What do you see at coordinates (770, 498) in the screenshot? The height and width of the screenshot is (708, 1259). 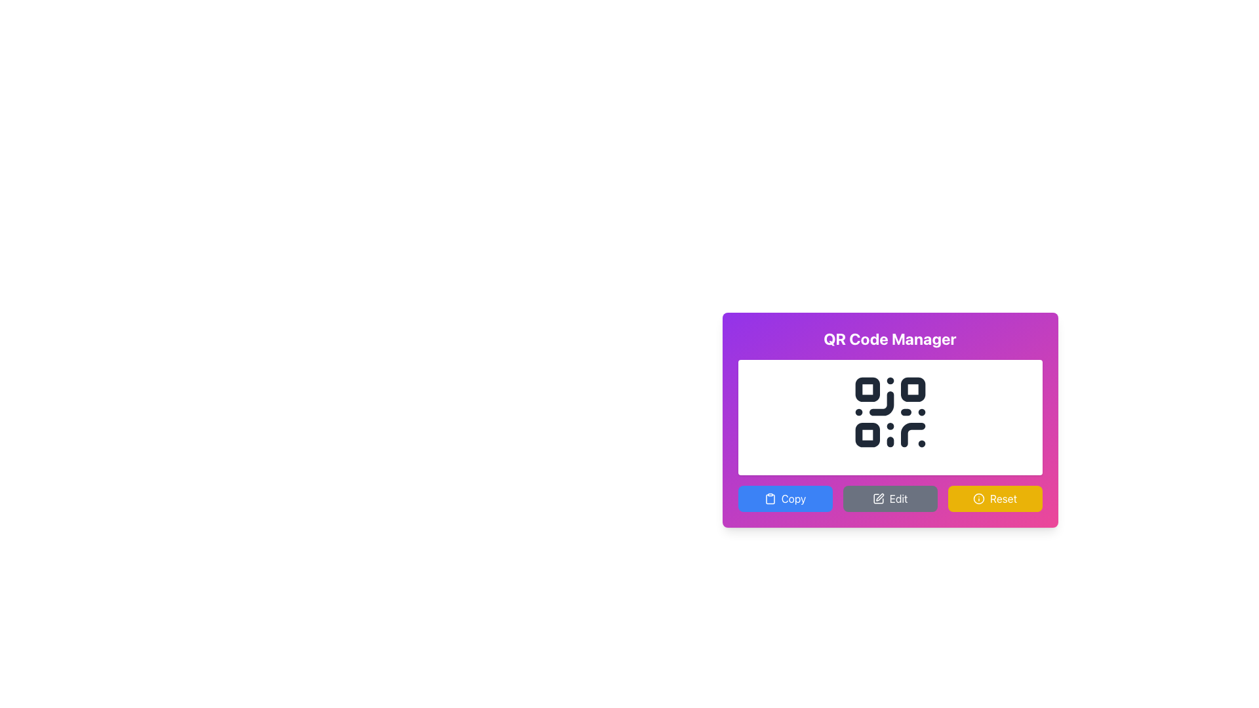 I see `the clipboard icon located to the left of the 'Copy' text in the blue rectangular button at the bottom-left corner of the QR Code Manager interface` at bounding box center [770, 498].